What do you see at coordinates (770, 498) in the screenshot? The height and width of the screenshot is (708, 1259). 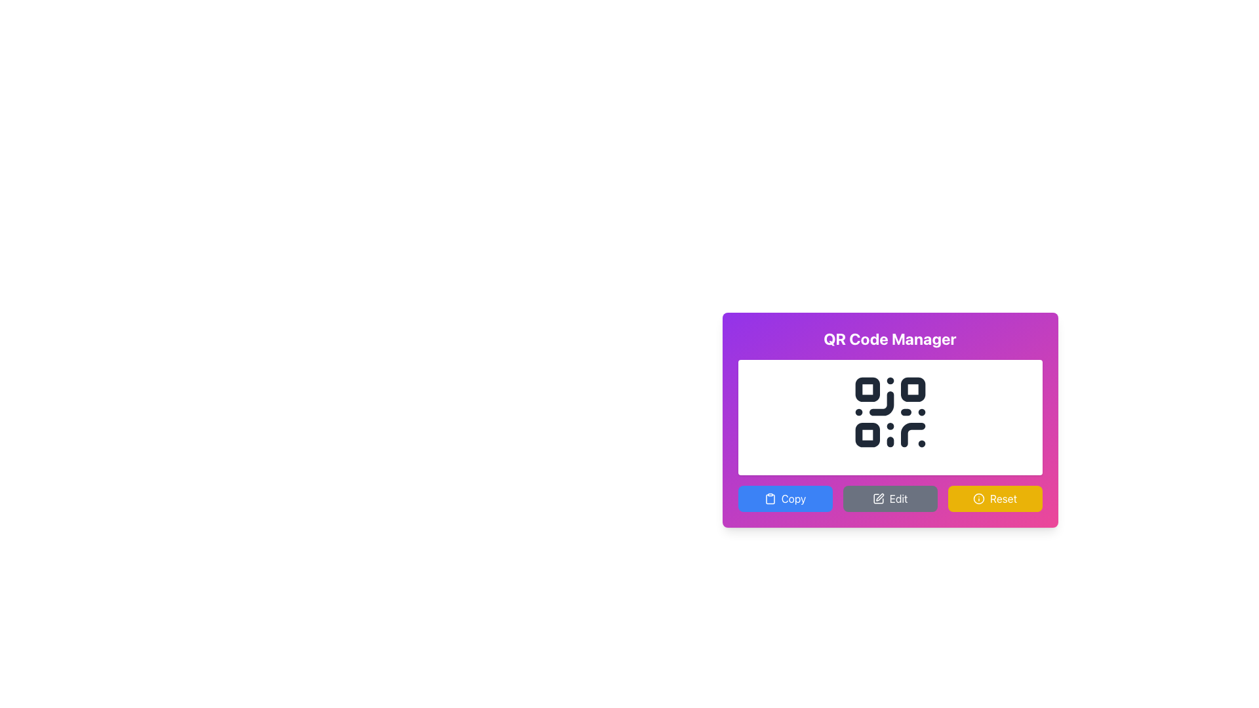 I see `the clipboard icon located to the left of the 'Copy' text in the blue rectangular button at the bottom-left corner of the QR Code Manager interface` at bounding box center [770, 498].